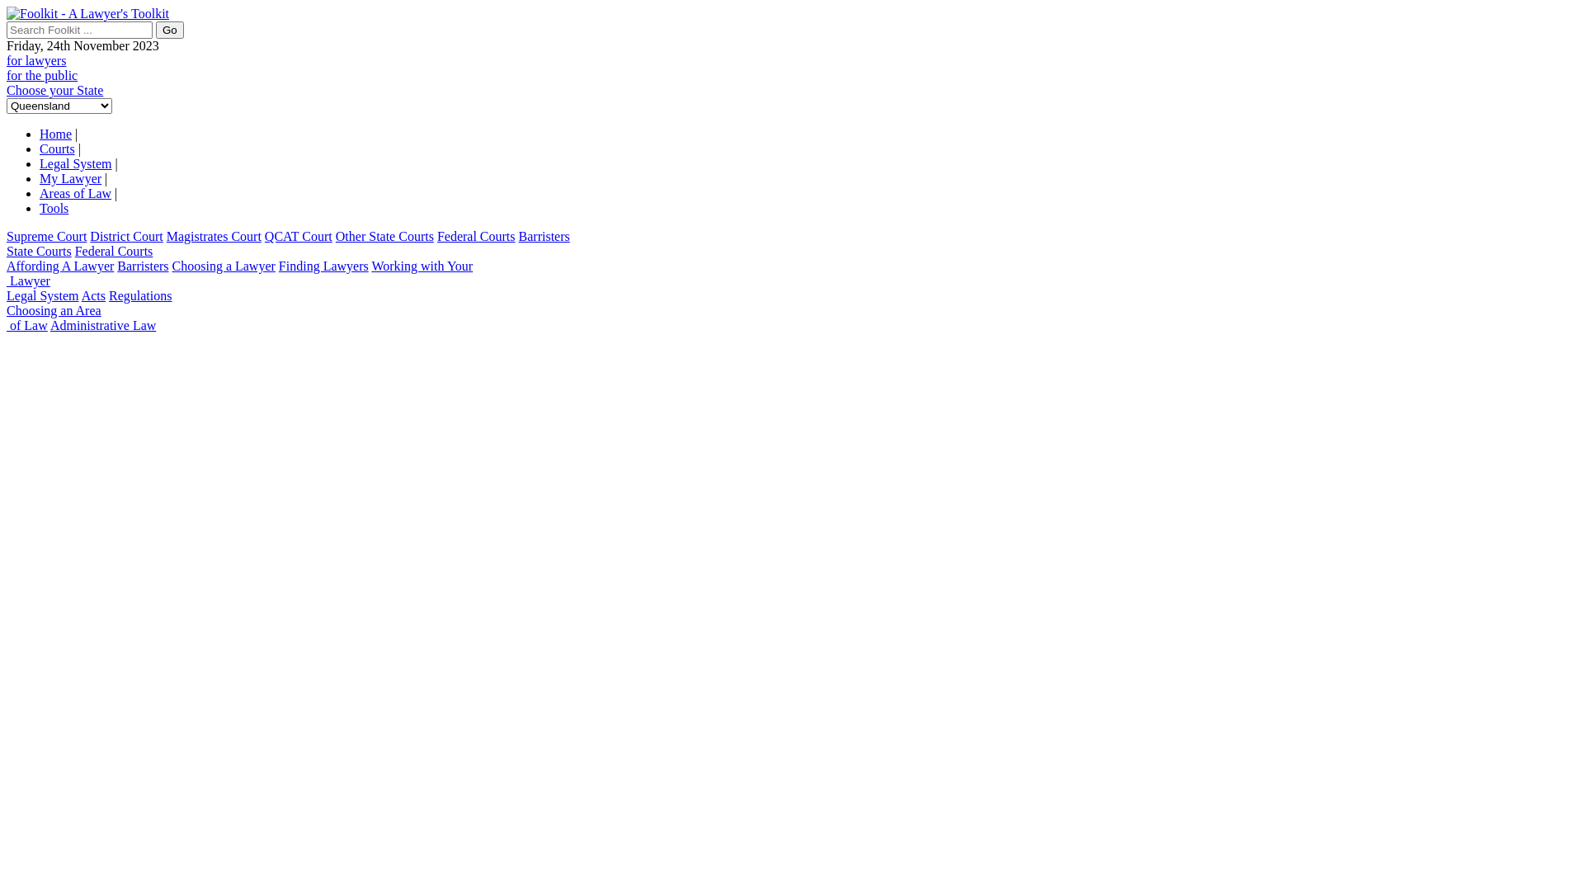 This screenshot has width=1584, height=891. What do you see at coordinates (69, 178) in the screenshot?
I see `'My Lawyer'` at bounding box center [69, 178].